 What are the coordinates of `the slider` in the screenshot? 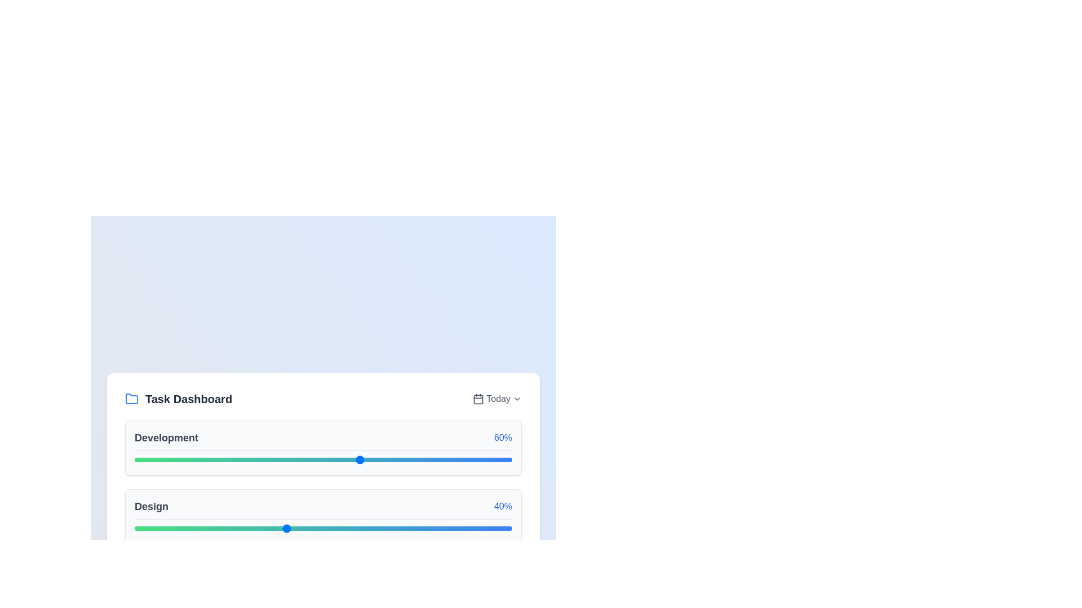 It's located at (232, 460).